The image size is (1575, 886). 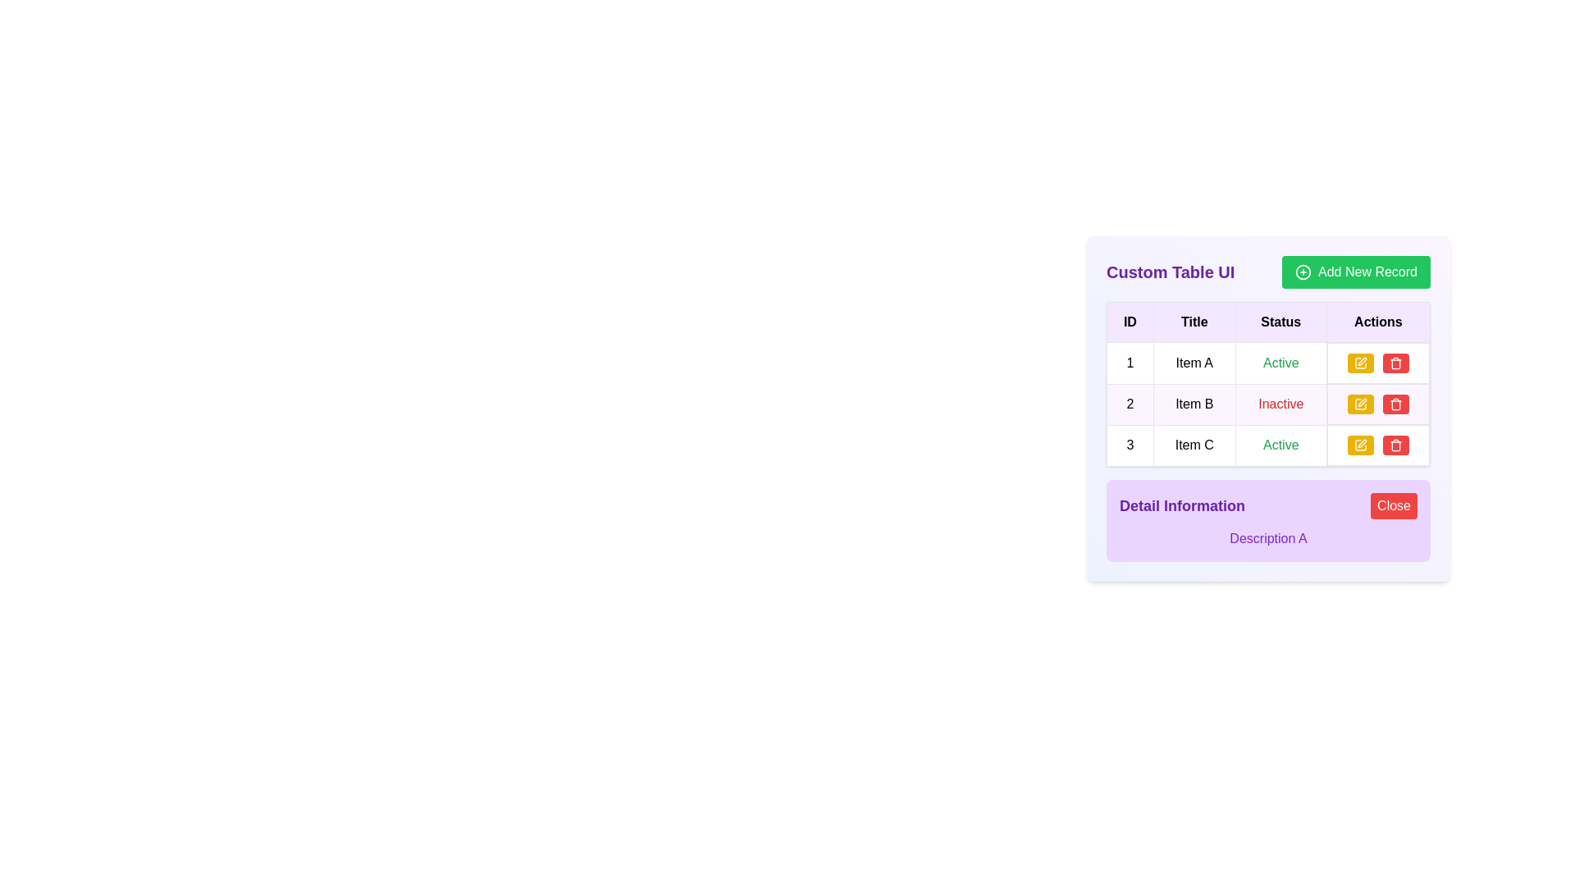 What do you see at coordinates (1362, 443) in the screenshot?
I see `the edit icon button located in the 'Actions' column of the second row in the table` at bounding box center [1362, 443].